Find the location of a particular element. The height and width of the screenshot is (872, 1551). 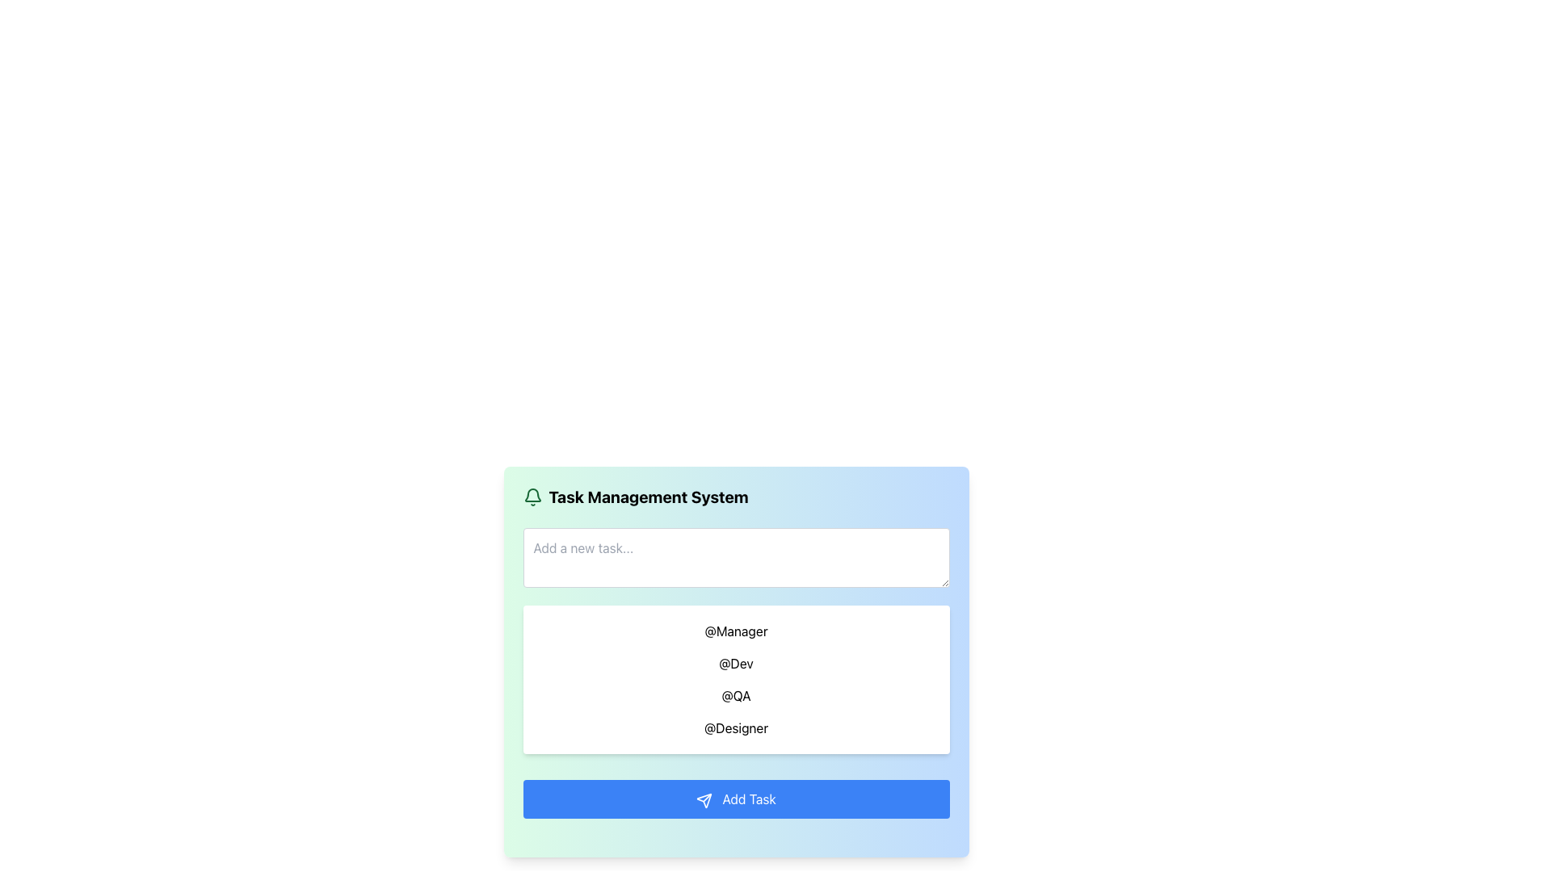

the text label '@Dev' which is the second item in a vertical list, styled in a sans-serif font and changes background color on hover is located at coordinates (735, 663).